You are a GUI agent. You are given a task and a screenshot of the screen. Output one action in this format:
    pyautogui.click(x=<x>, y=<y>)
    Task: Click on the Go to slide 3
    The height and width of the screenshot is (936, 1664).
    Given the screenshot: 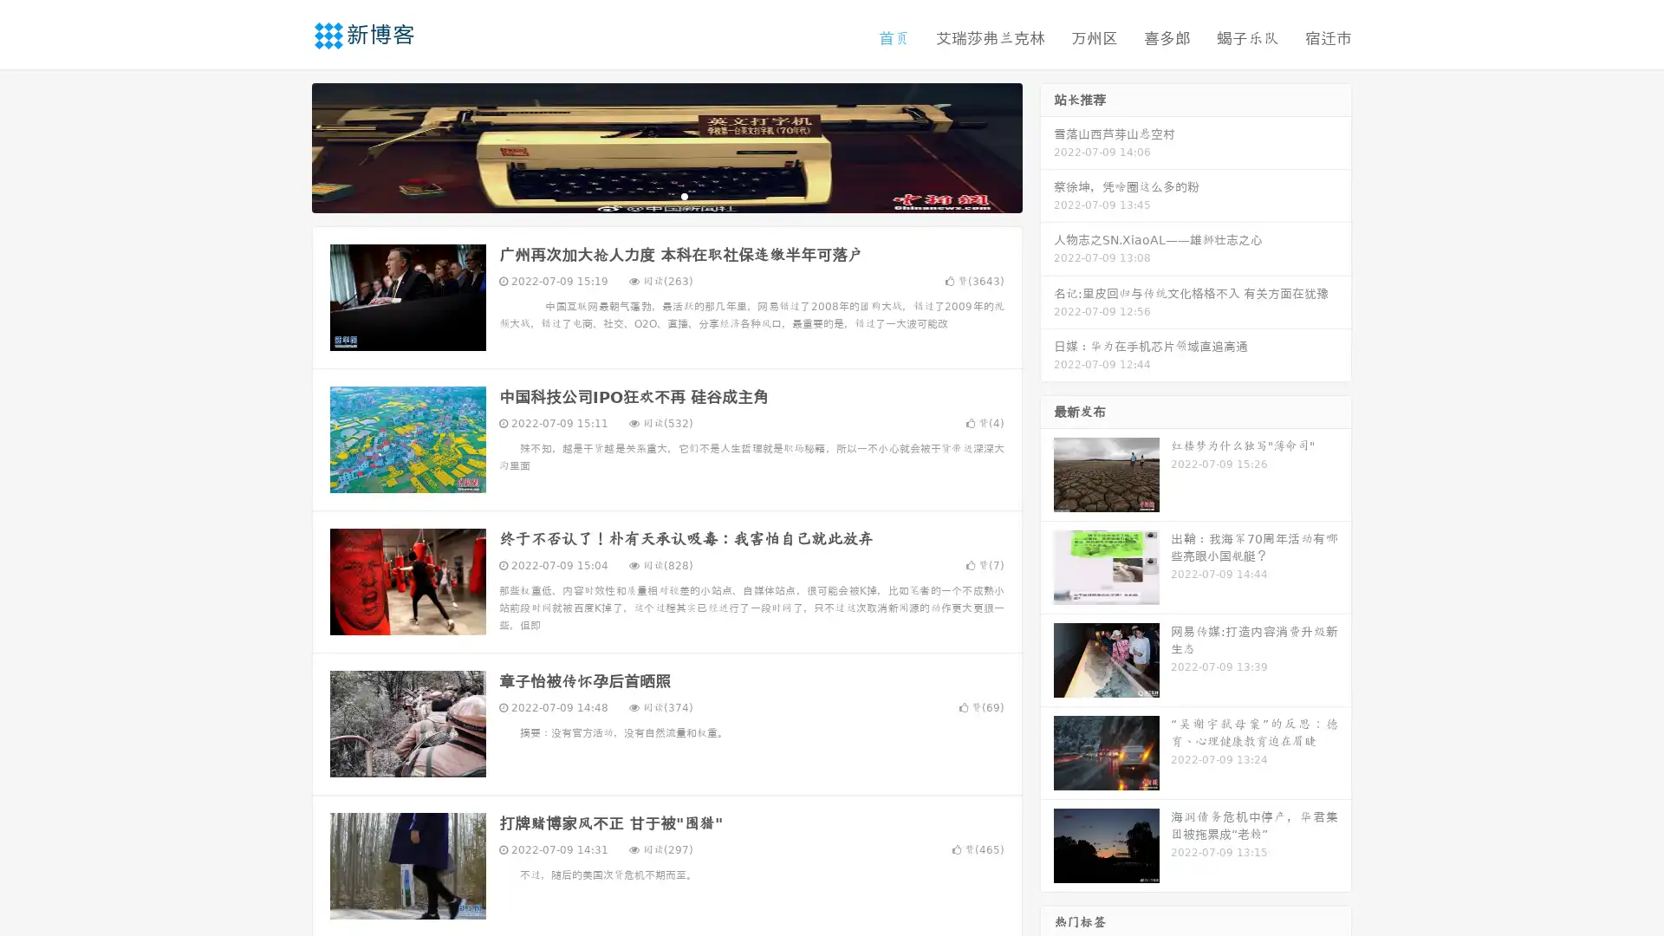 What is the action you would take?
    pyautogui.click(x=684, y=195)
    